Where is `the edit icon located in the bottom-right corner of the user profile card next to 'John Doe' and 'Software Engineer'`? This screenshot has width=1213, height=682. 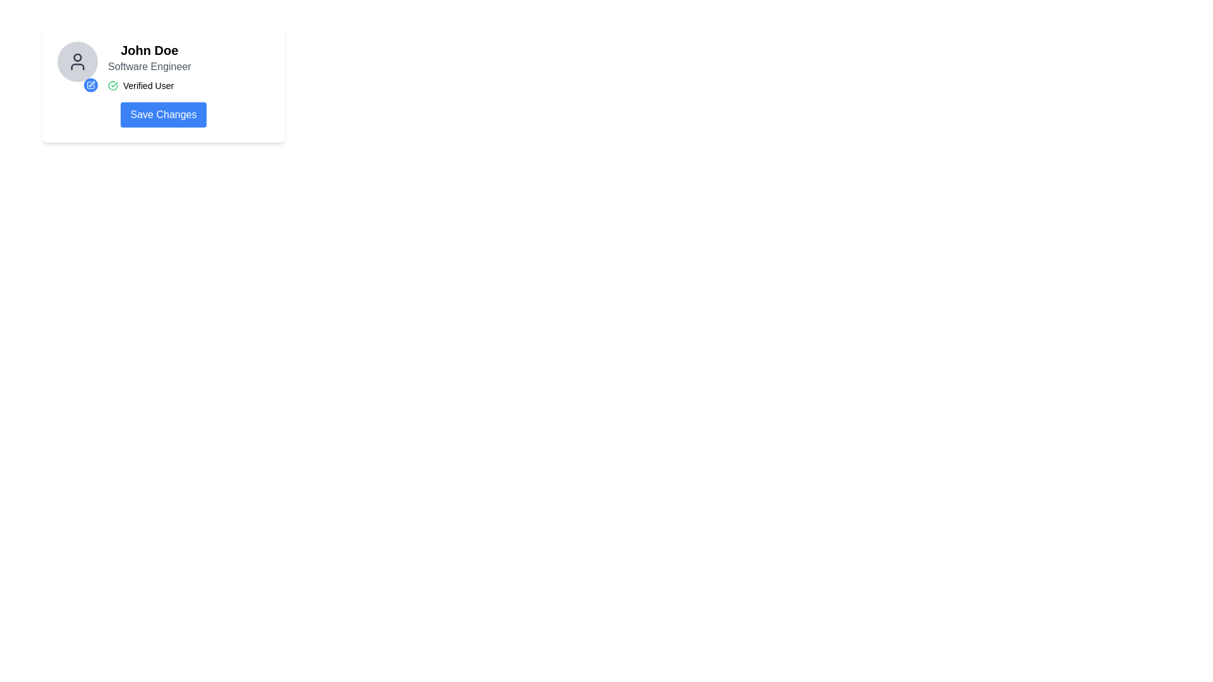
the edit icon located in the bottom-right corner of the user profile card next to 'John Doe' and 'Software Engineer' is located at coordinates (90, 85).